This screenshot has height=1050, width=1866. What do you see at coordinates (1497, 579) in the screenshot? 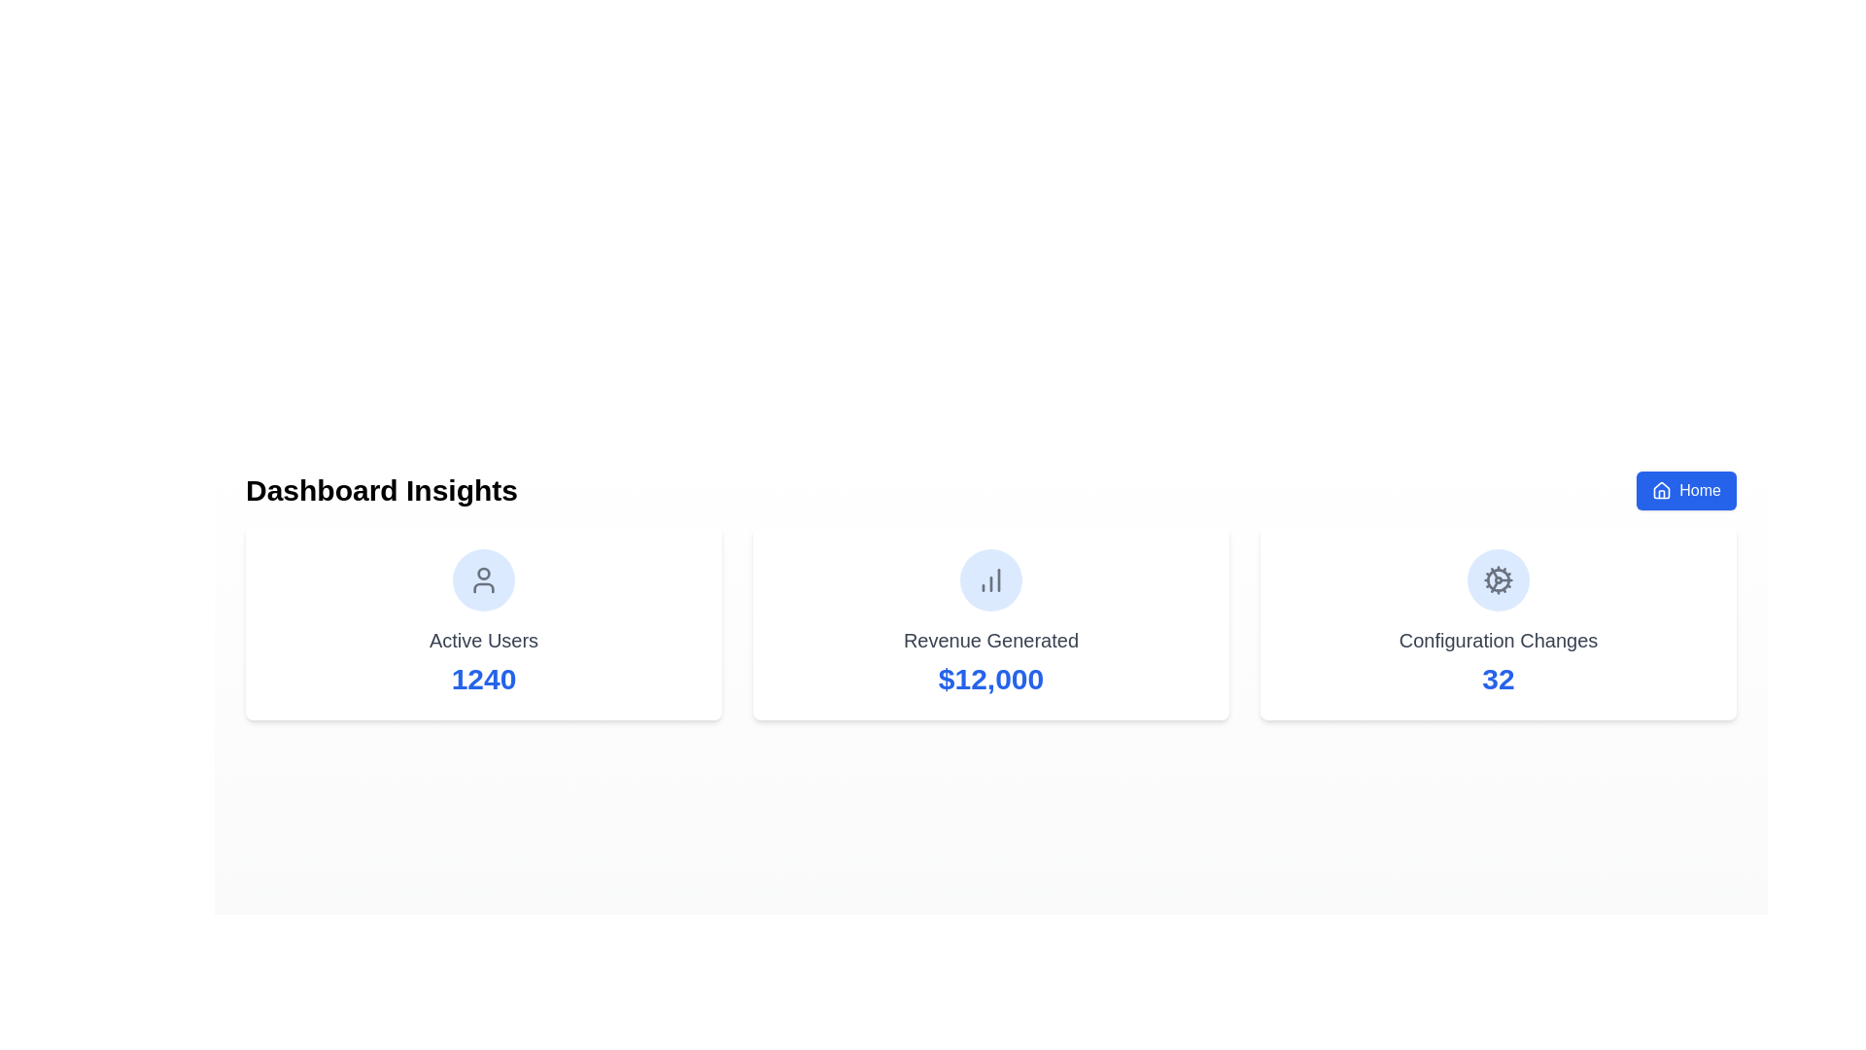
I see `the largest circular part of the cog icon located in the top-right region of the card labeled 'Configuration Changes'` at bounding box center [1497, 579].